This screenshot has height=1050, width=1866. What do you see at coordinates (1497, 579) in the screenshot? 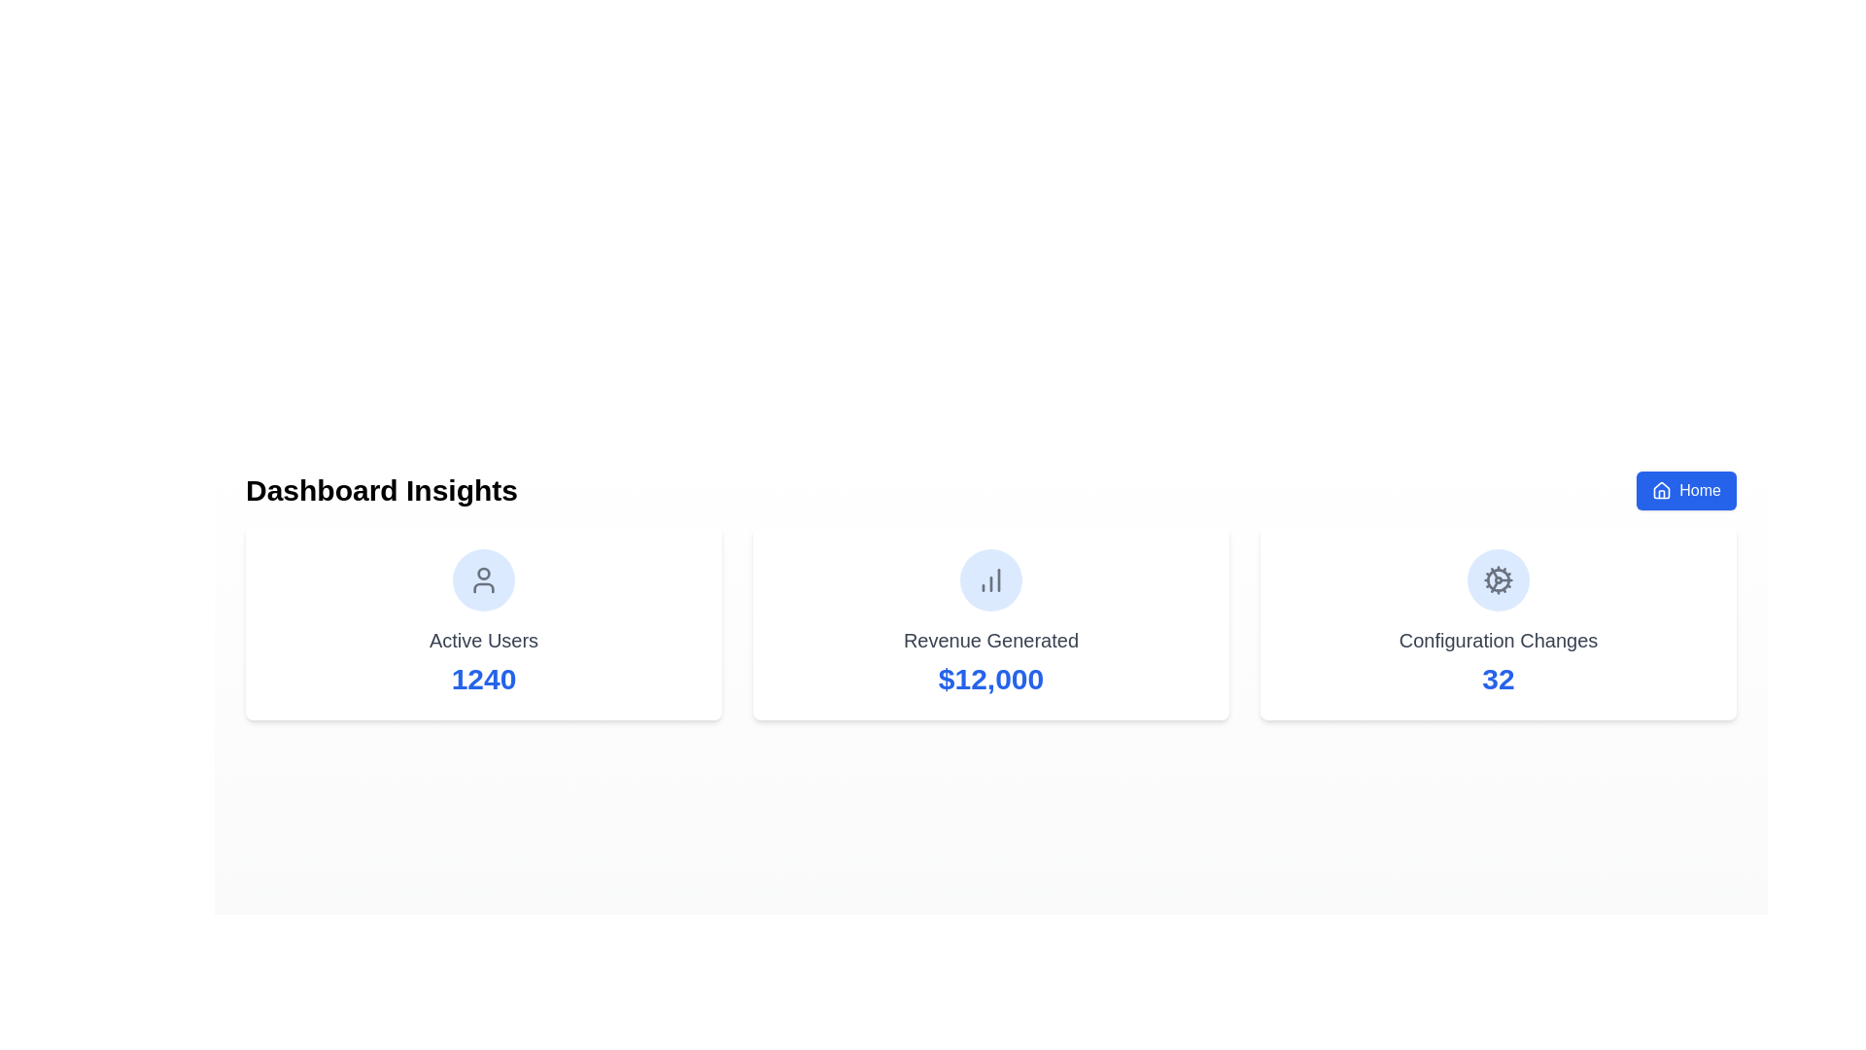
I see `the largest circular part of the cog icon located in the top-right region of the card labeled 'Configuration Changes'` at bounding box center [1497, 579].